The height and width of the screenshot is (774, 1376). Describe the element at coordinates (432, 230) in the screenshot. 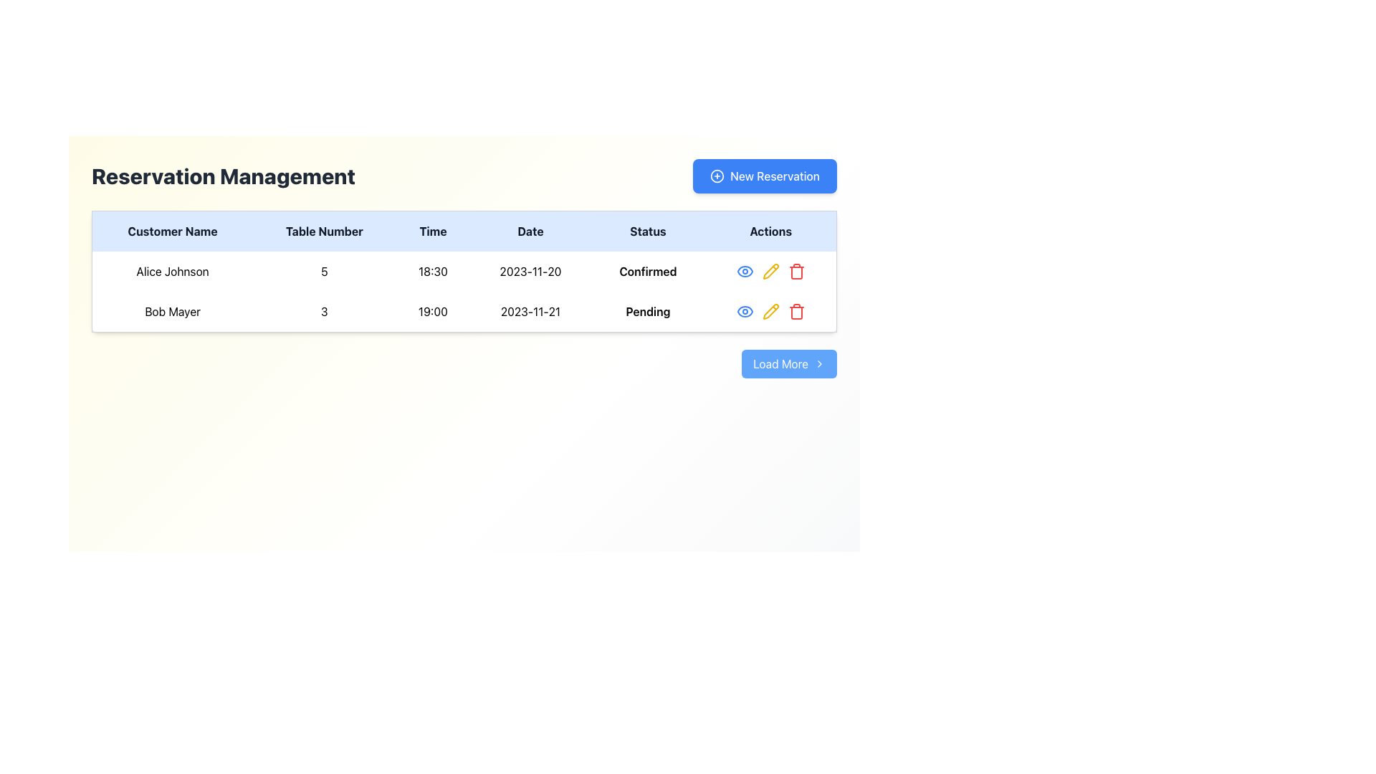

I see `the 'Time' header label in the table, which is positioned centrally between the 'Table Number' and 'Date' labels` at that location.